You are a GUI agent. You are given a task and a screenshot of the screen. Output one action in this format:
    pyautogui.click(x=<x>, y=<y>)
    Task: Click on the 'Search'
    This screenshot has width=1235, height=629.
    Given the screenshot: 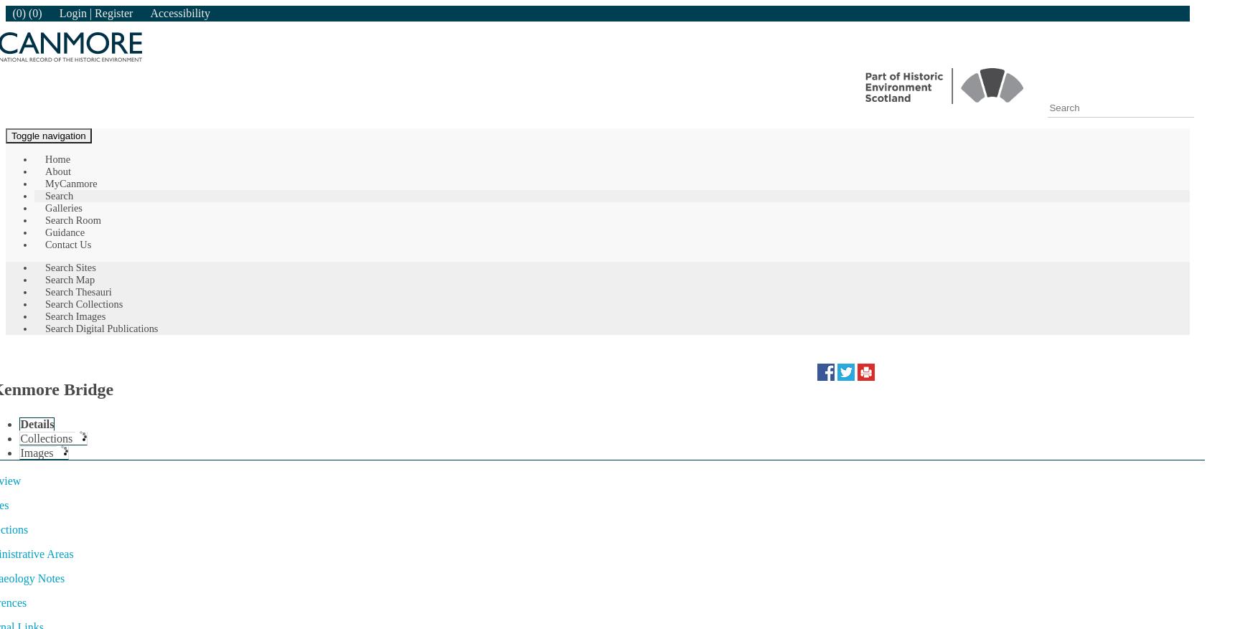 What is the action you would take?
    pyautogui.click(x=59, y=196)
    